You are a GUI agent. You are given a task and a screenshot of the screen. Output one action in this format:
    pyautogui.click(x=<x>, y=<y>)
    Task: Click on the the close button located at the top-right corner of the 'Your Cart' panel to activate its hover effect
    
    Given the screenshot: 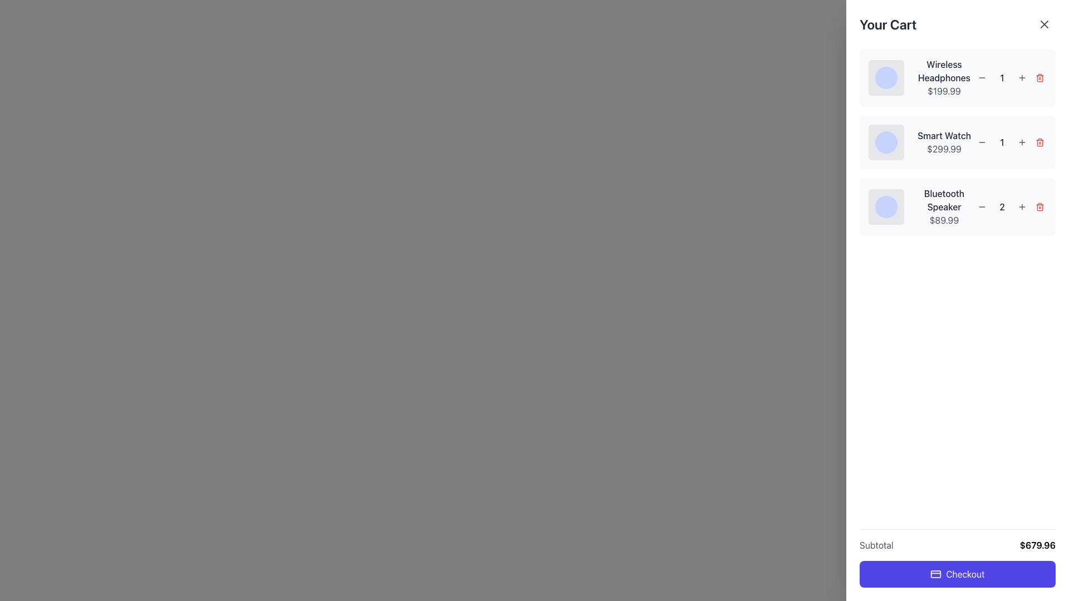 What is the action you would take?
    pyautogui.click(x=1044, y=24)
    